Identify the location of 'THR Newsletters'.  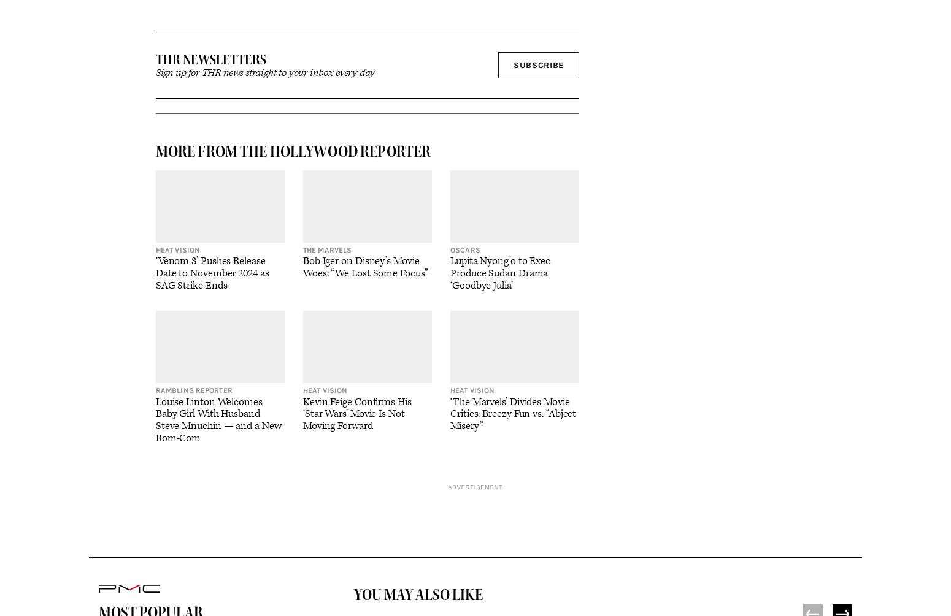
(210, 59).